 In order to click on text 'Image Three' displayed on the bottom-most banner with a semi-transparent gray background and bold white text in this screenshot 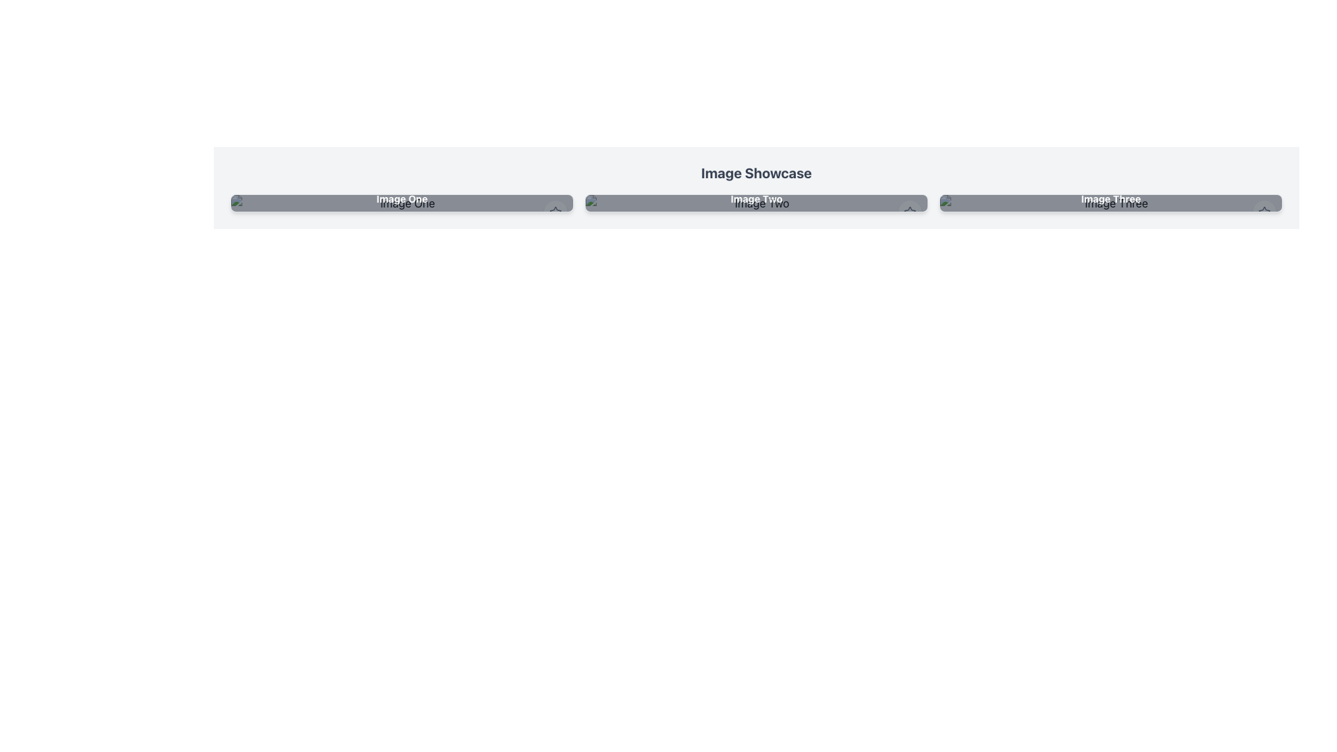, I will do `click(1110, 198)`.